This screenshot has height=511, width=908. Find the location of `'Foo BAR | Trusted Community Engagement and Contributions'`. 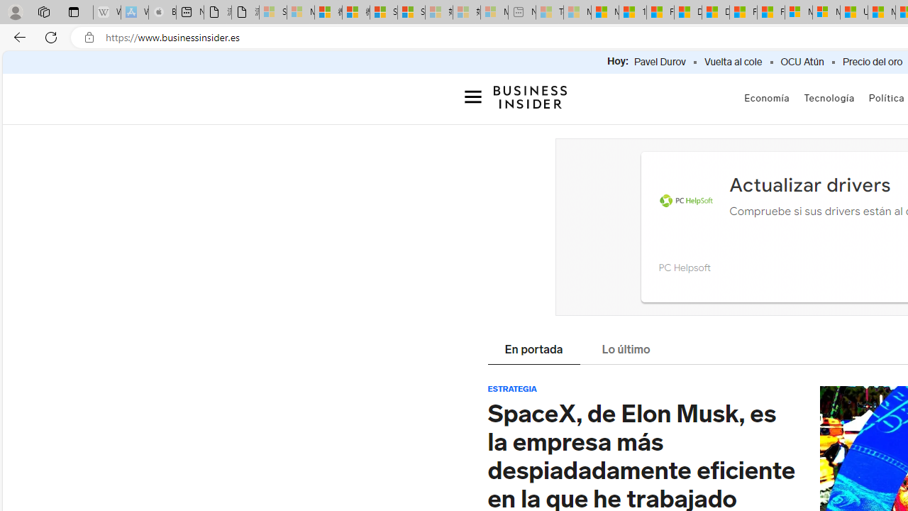

'Foo BAR | Trusted Community Engagement and Contributions' is located at coordinates (770, 12).